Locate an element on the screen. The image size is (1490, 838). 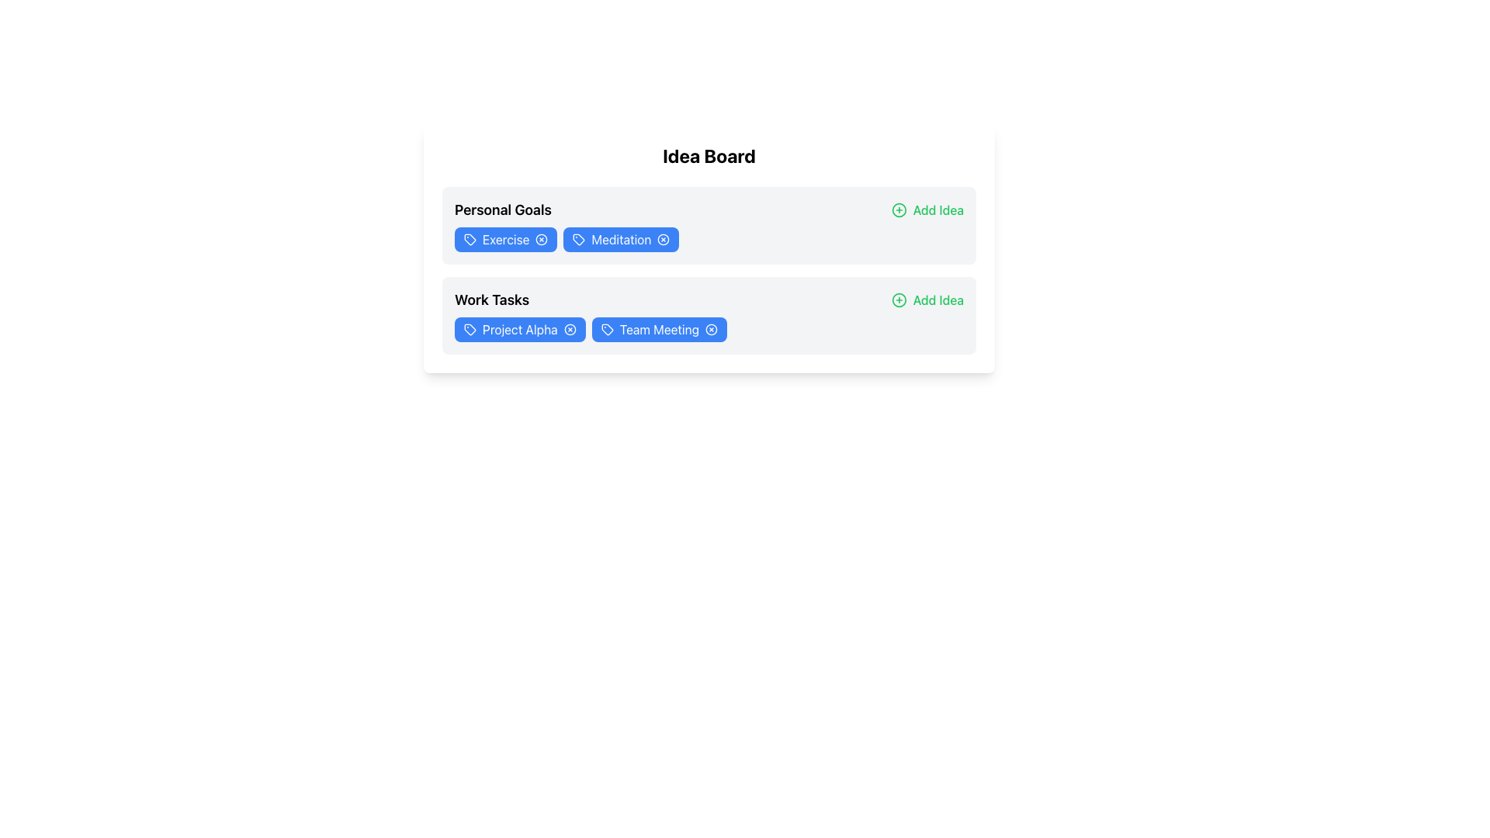
the small circular SVG element that serves as the outer boundary of the close icon in the 'Meditation' tag under the 'Personal Goals' section is located at coordinates (664, 239).